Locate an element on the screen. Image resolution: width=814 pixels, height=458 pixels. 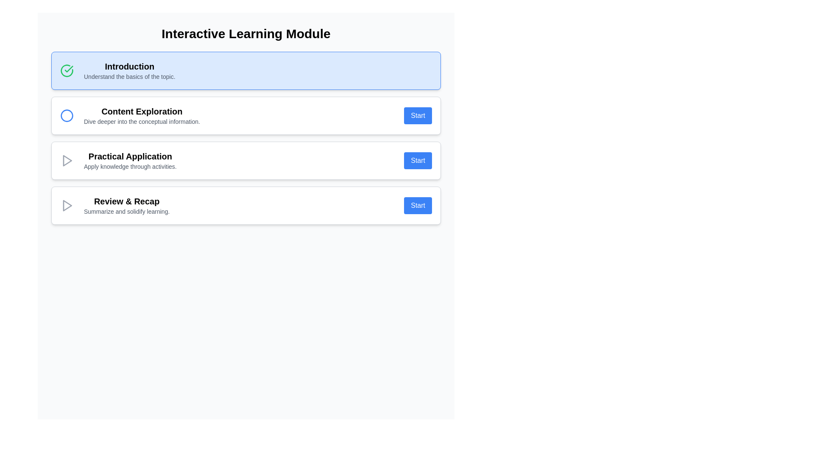
the Text Display element that serves as a description header and subtitle for the 'Content Exploration' section, positioned centrally between the 'Introduction' and 'Practical Application' cards is located at coordinates (142, 116).